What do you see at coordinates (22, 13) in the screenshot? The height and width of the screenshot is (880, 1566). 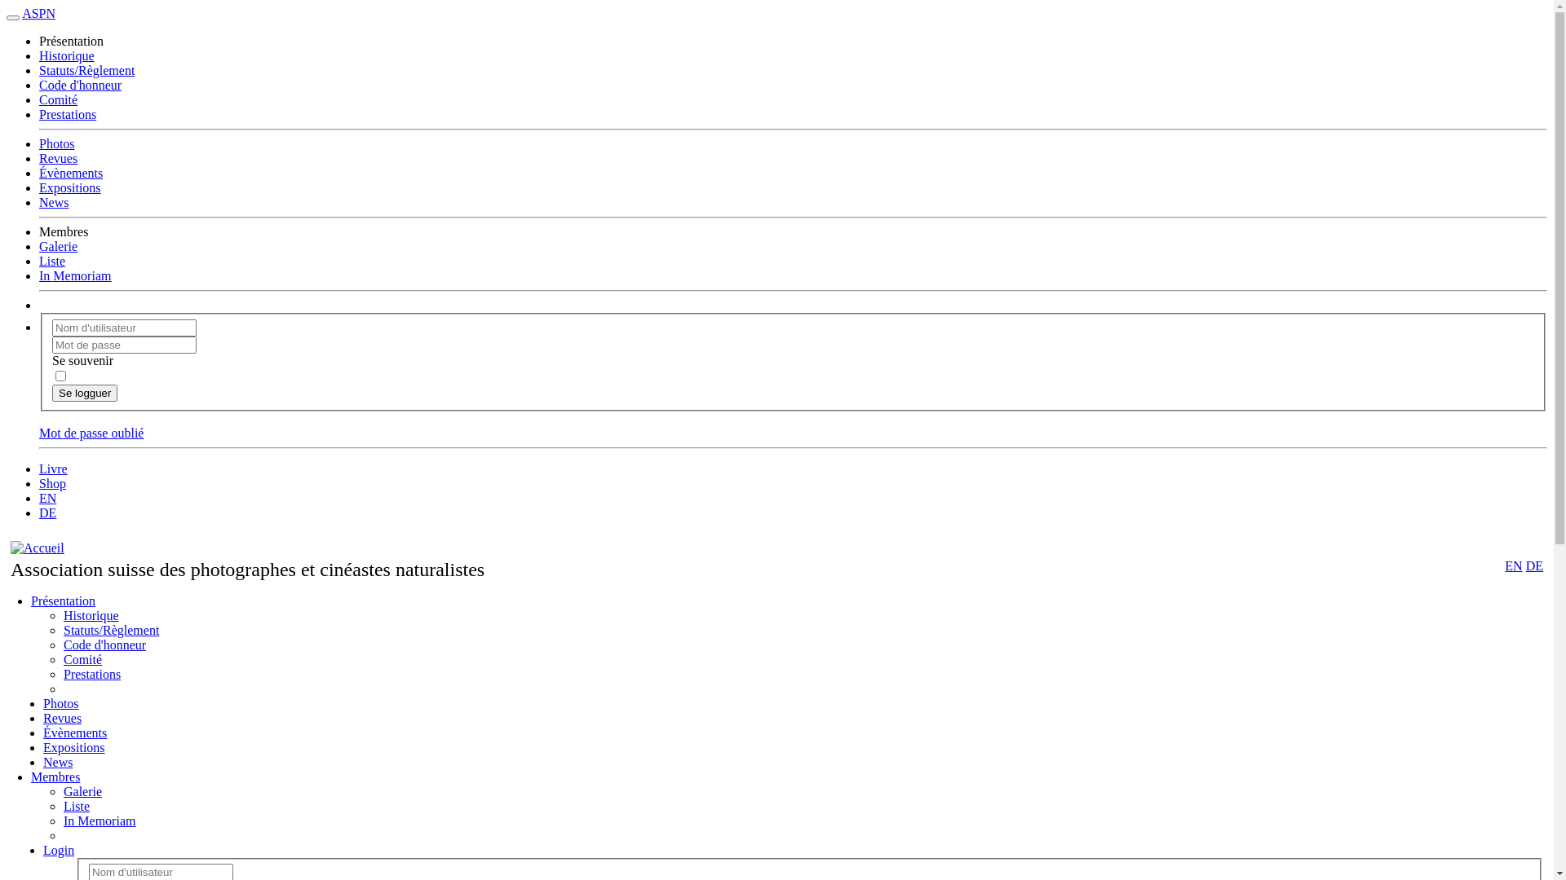 I see `'ASPN'` at bounding box center [22, 13].